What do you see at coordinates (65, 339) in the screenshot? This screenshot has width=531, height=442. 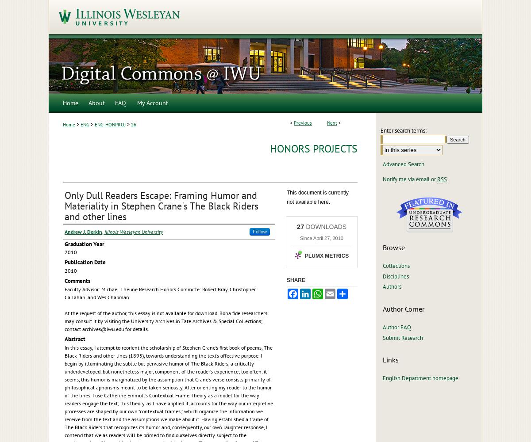 I see `'Abstract'` at bounding box center [65, 339].